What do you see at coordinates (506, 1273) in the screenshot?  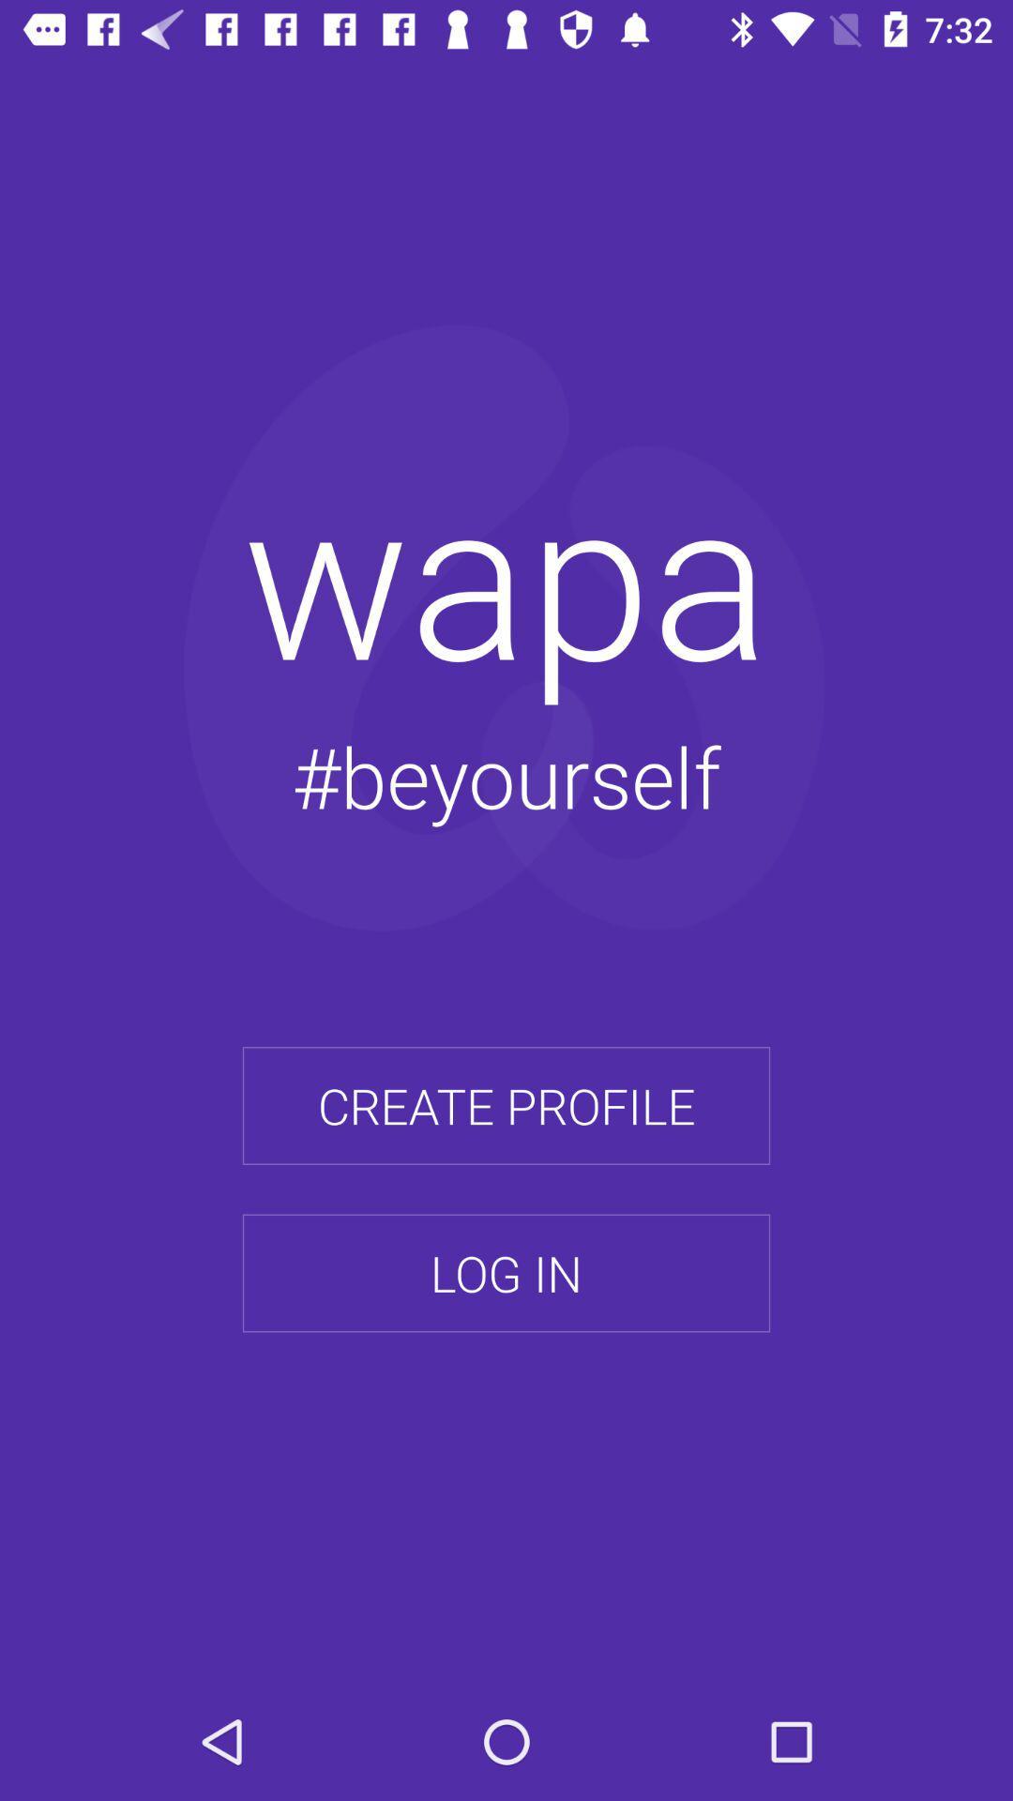 I see `the item below the create profile item` at bounding box center [506, 1273].